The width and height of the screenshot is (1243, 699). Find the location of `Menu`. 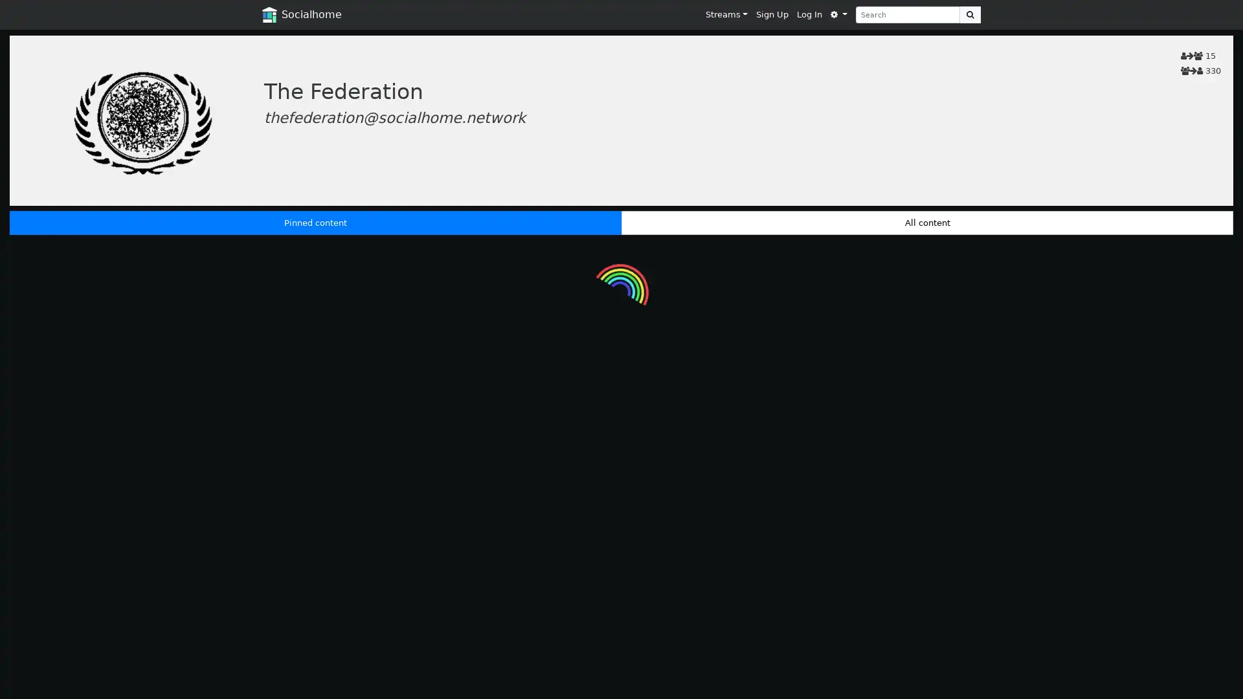

Menu is located at coordinates (838, 14).